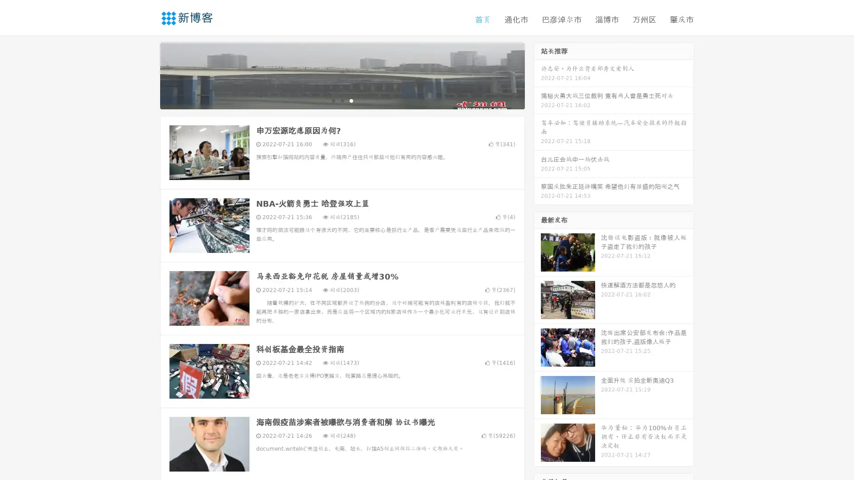 The width and height of the screenshot is (854, 480). What do you see at coordinates (333, 100) in the screenshot?
I see `Go to slide 1` at bounding box center [333, 100].